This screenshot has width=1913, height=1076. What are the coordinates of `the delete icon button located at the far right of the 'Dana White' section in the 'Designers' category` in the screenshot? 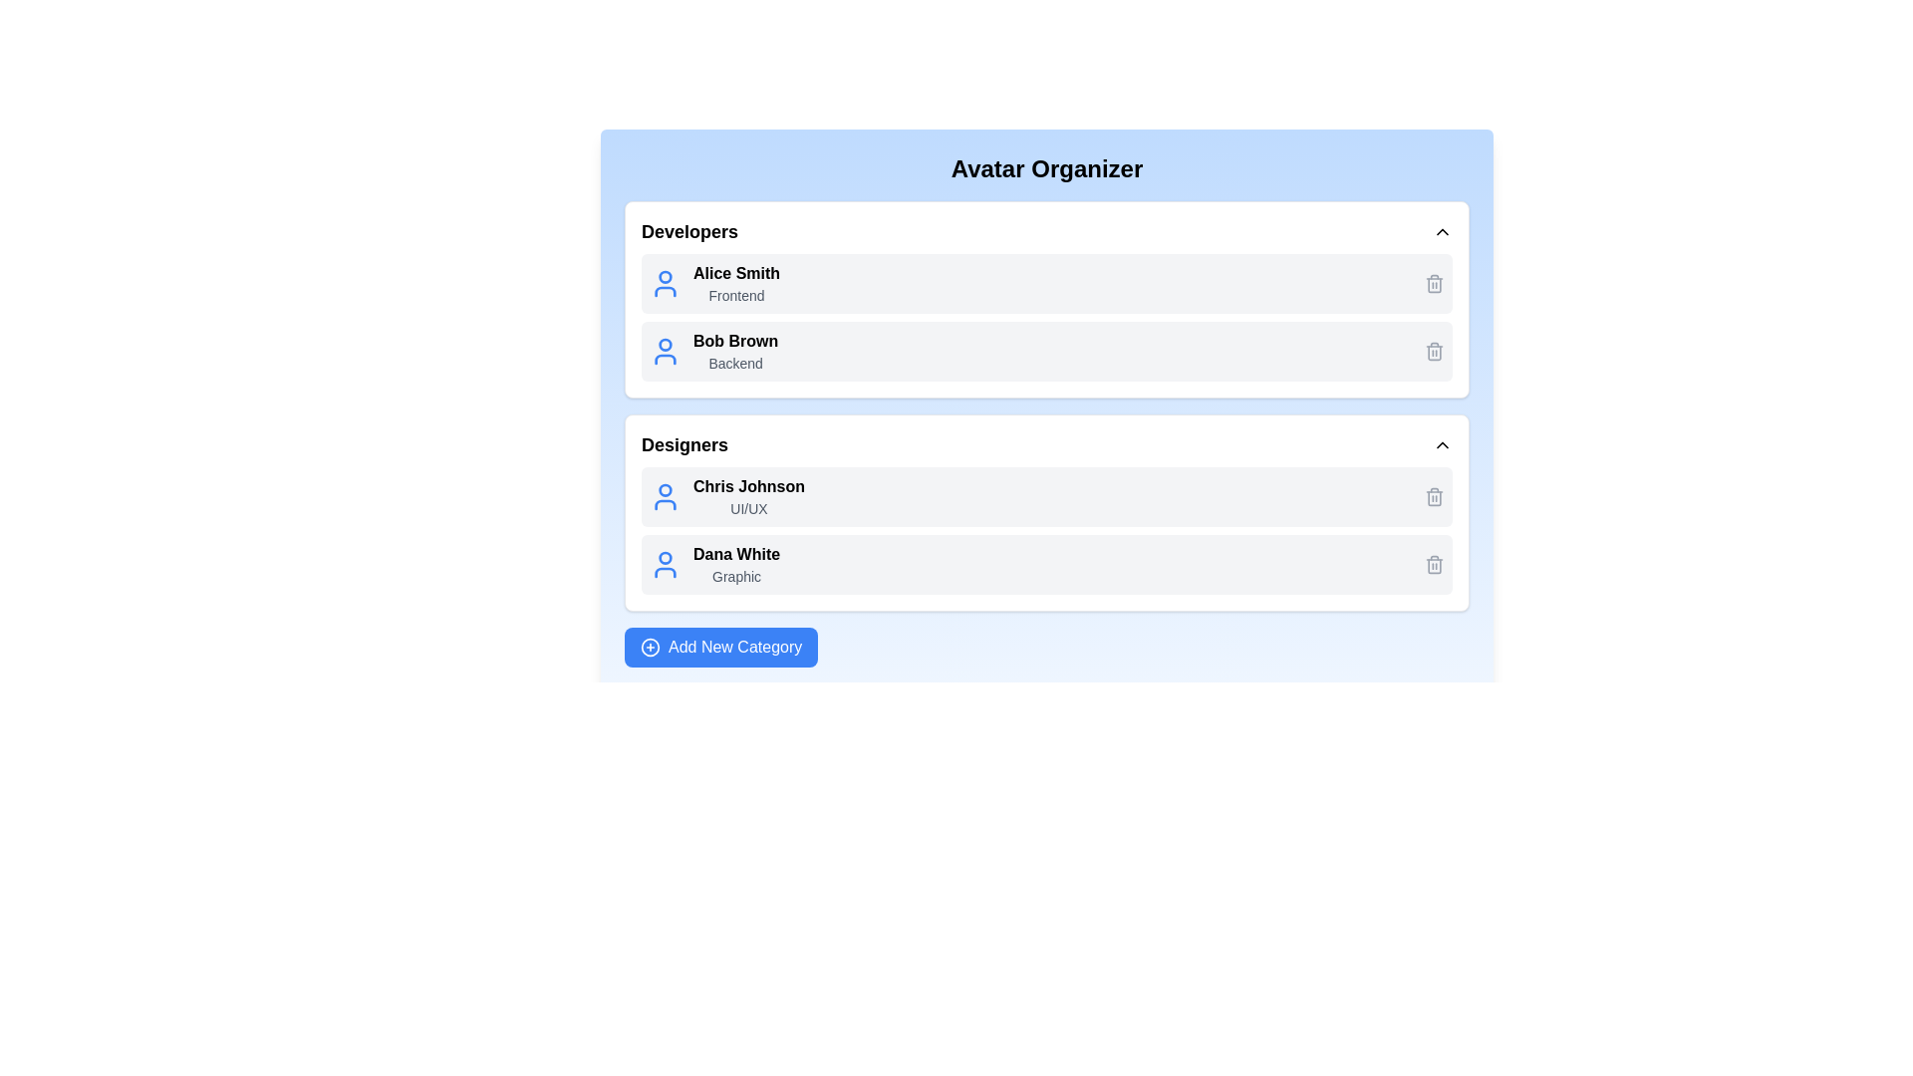 It's located at (1435, 565).